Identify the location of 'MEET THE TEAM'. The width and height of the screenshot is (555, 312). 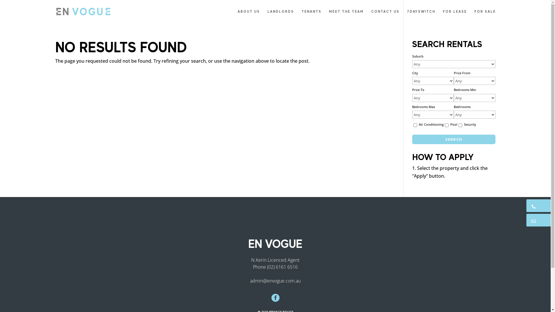
(346, 16).